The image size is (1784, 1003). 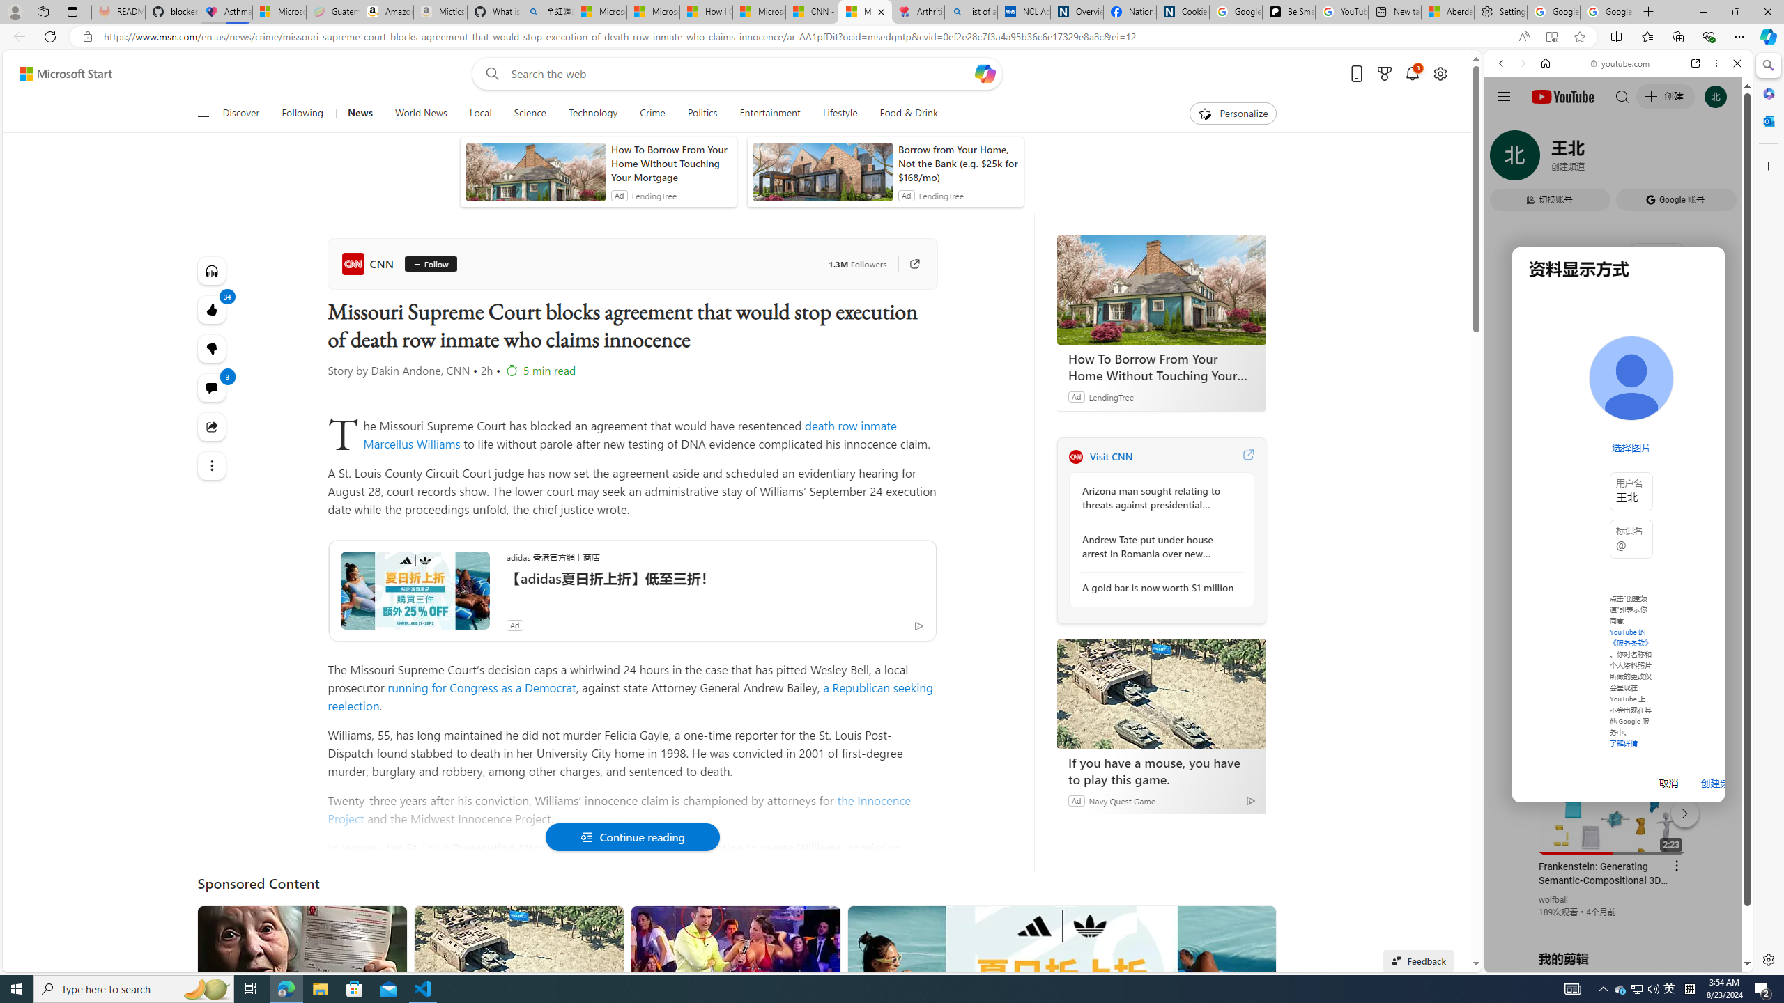 What do you see at coordinates (211, 387) in the screenshot?
I see `'View comments 3 Comment'` at bounding box center [211, 387].